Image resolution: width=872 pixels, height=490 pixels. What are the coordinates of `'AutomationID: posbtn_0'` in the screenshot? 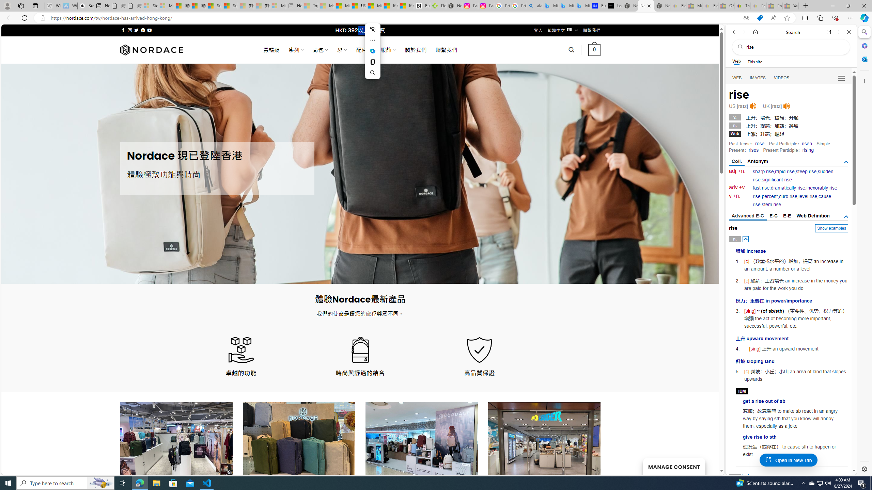 It's located at (746, 239).